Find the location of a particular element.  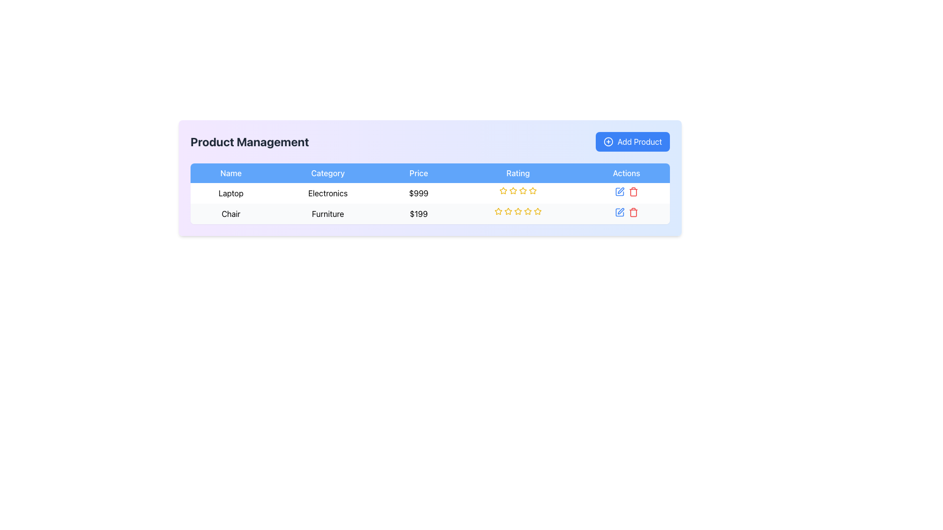

the 'Rating' text label element, which is a rectangular label with white font on a blue background, situated between the 'Price' and 'Actions' headers at the top of the data table is located at coordinates (518, 173).